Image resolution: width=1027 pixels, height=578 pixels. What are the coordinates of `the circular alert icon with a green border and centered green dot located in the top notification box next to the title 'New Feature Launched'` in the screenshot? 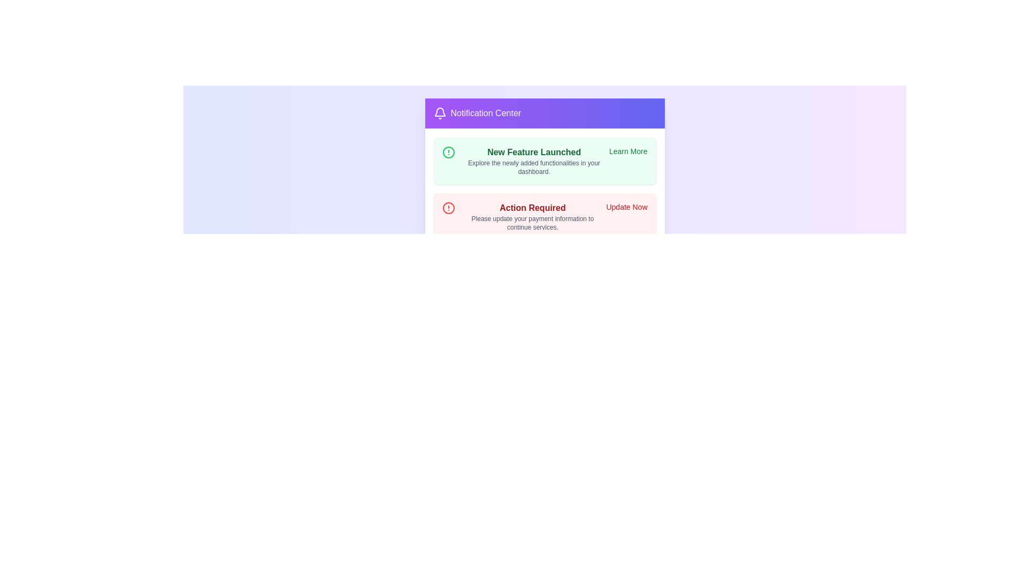 It's located at (448, 153).